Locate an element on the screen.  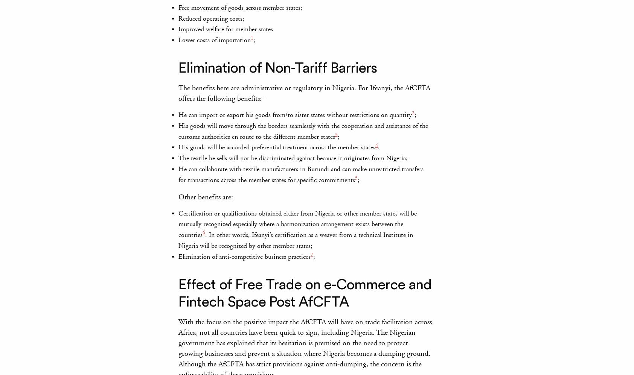
'Certification or qualifications obtained either from Nigeria or other member states will be mutually recognized especially where a harmonization arrangement exists between the countries' is located at coordinates (297, 224).